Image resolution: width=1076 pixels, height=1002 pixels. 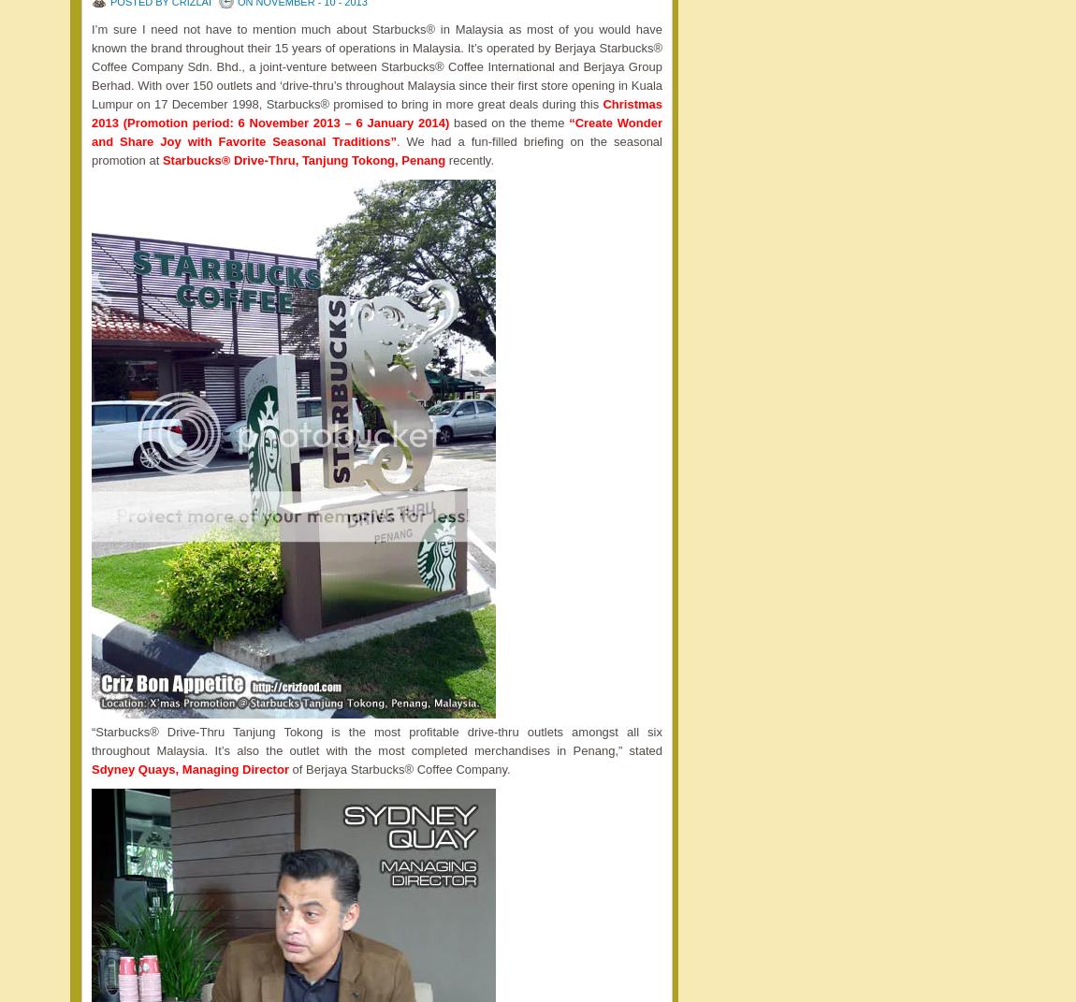 What do you see at coordinates (444, 159) in the screenshot?
I see `'recently.'` at bounding box center [444, 159].